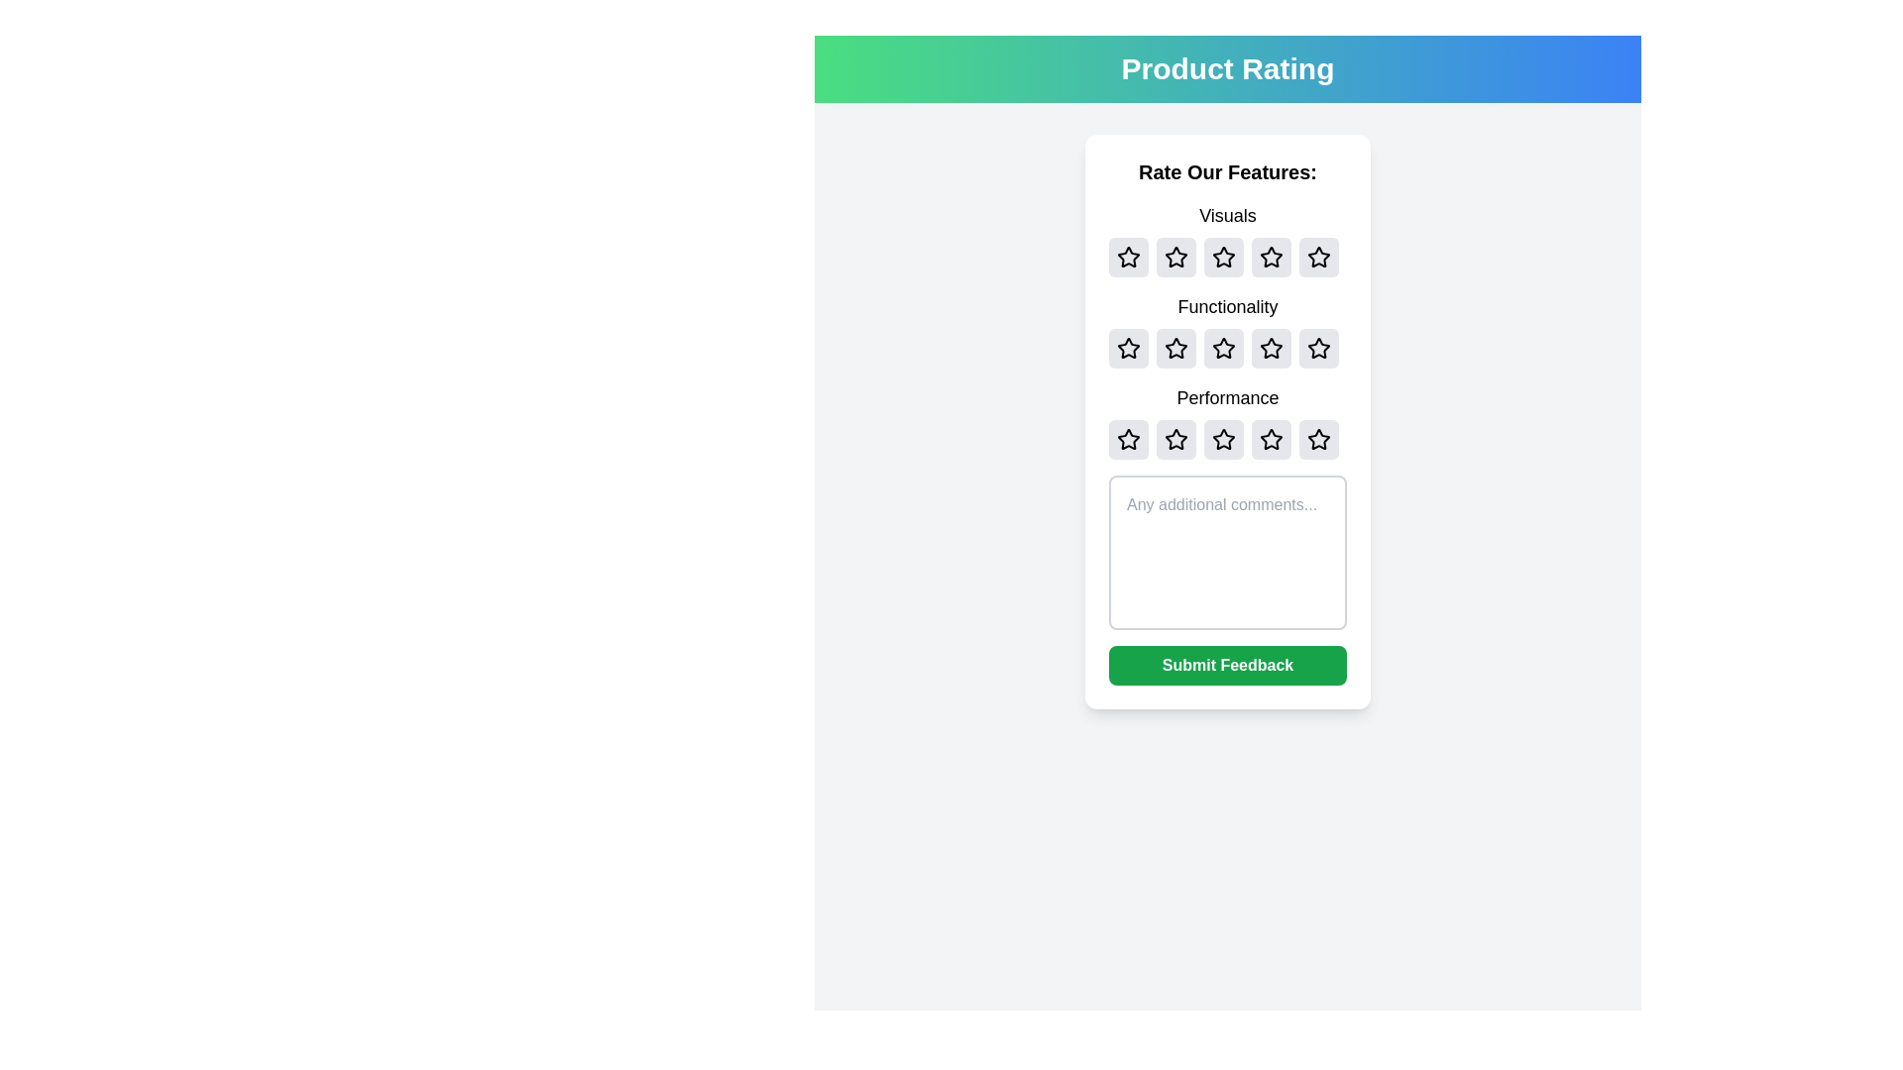  What do you see at coordinates (1175, 256) in the screenshot?
I see `the second star in the 'Visuals' row of the 'Rate Our Features:' section` at bounding box center [1175, 256].